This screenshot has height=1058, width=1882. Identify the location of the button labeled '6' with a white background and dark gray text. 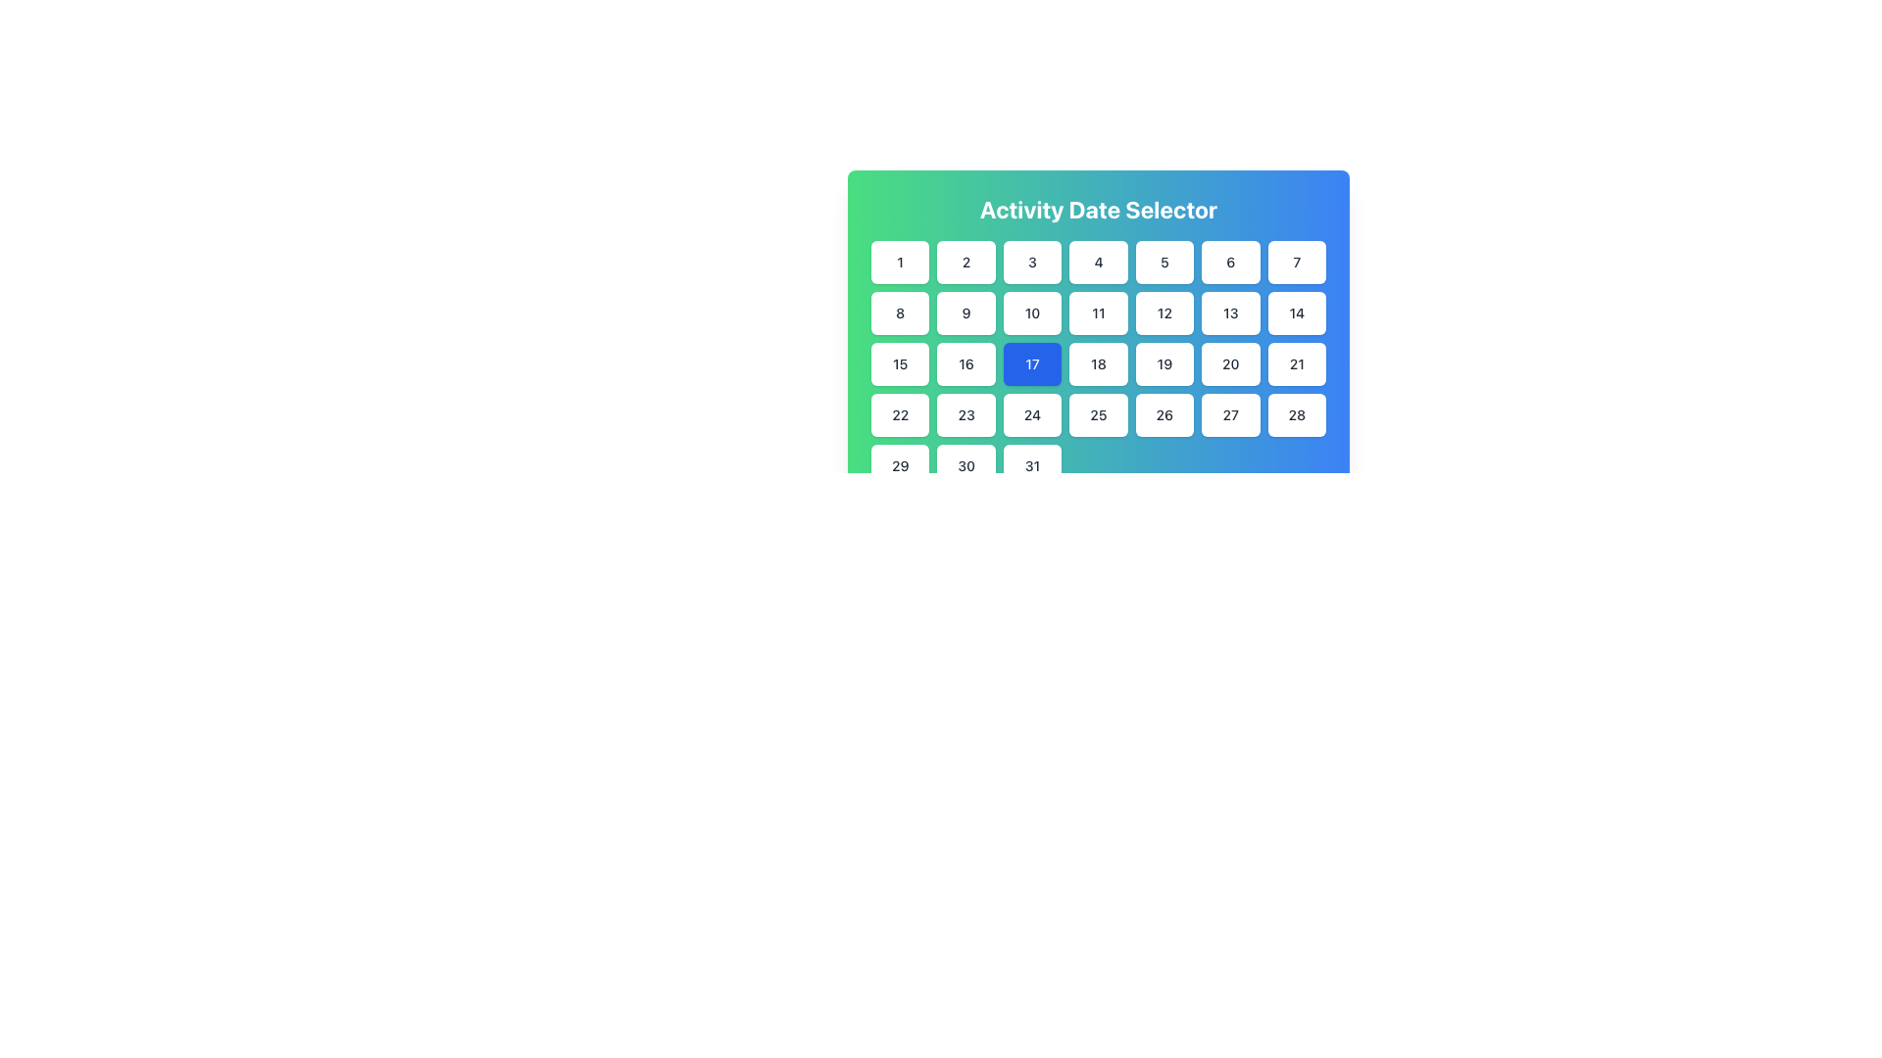
(1229, 261).